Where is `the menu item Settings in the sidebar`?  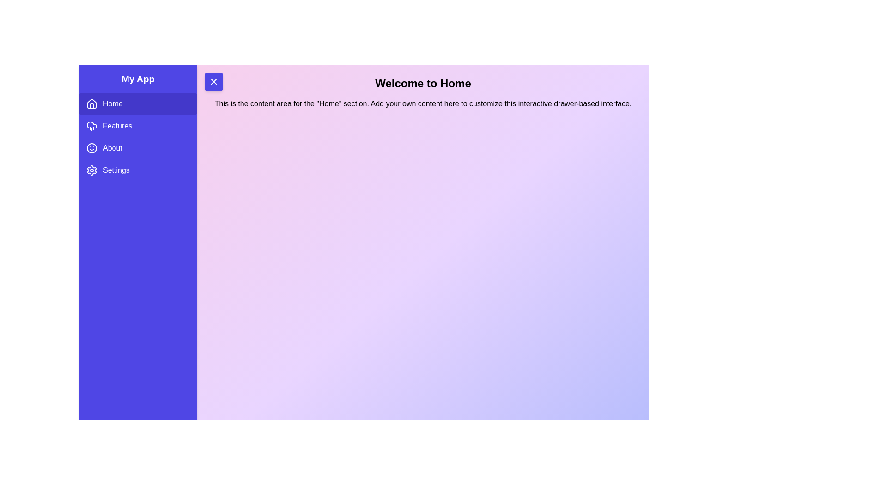
the menu item Settings in the sidebar is located at coordinates (137, 170).